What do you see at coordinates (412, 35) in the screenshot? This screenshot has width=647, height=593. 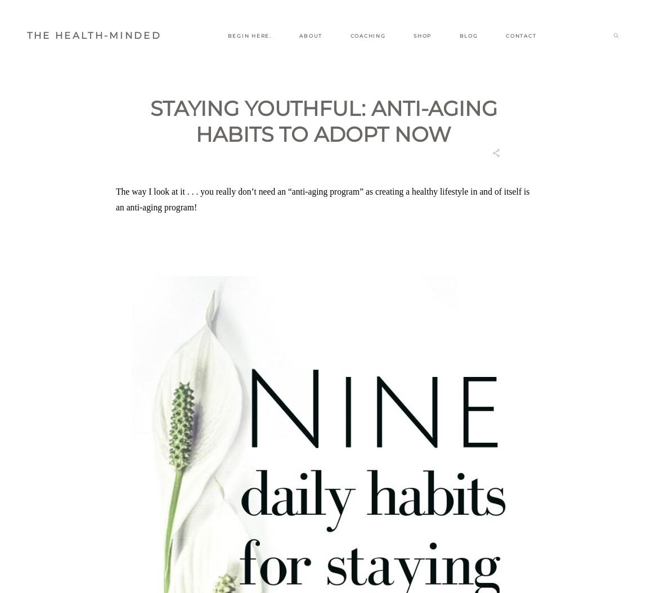 I see `'SHOP'` at bounding box center [412, 35].